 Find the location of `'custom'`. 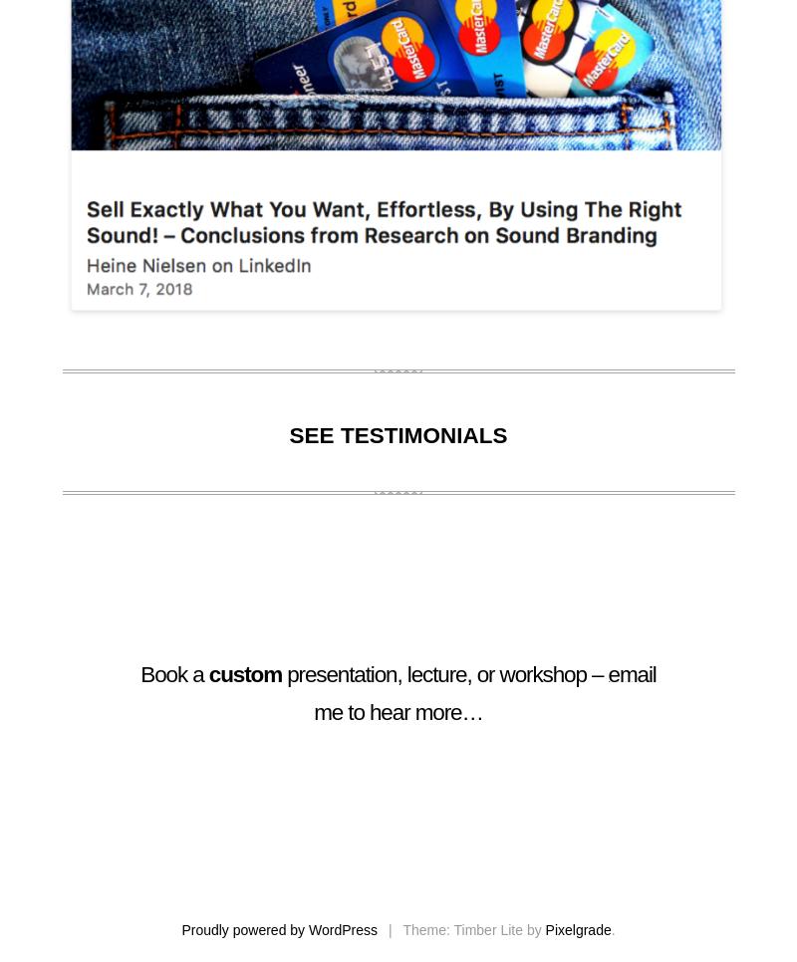

'custom' is located at coordinates (244, 674).